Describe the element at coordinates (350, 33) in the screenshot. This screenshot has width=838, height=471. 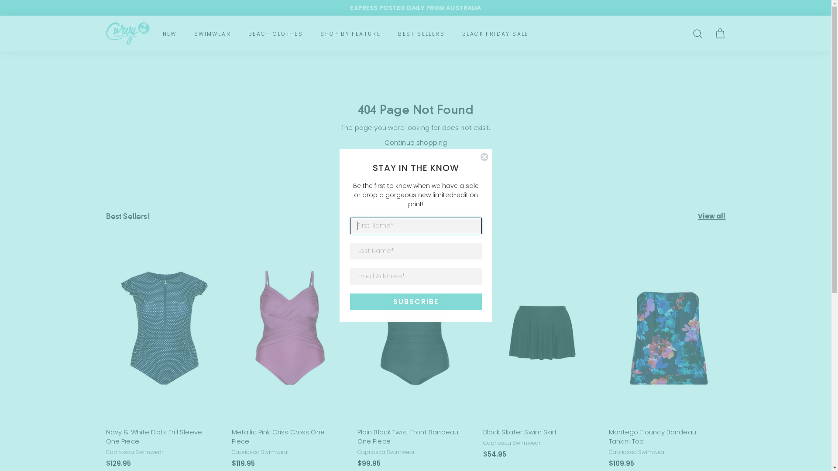
I see `'SHOP BY FEATURE'` at that location.